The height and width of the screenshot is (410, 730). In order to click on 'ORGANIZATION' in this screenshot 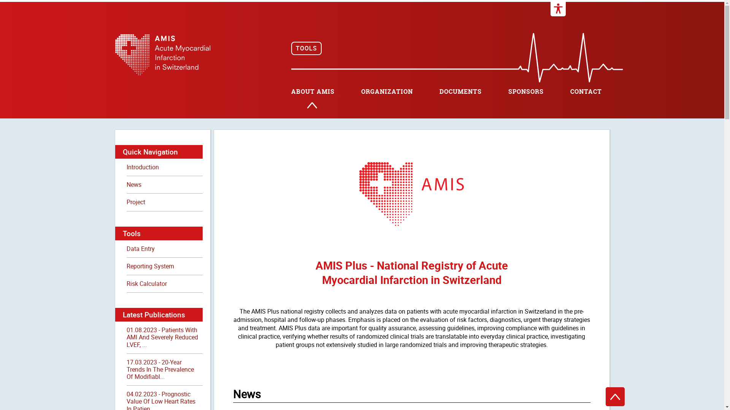, I will do `click(387, 91)`.